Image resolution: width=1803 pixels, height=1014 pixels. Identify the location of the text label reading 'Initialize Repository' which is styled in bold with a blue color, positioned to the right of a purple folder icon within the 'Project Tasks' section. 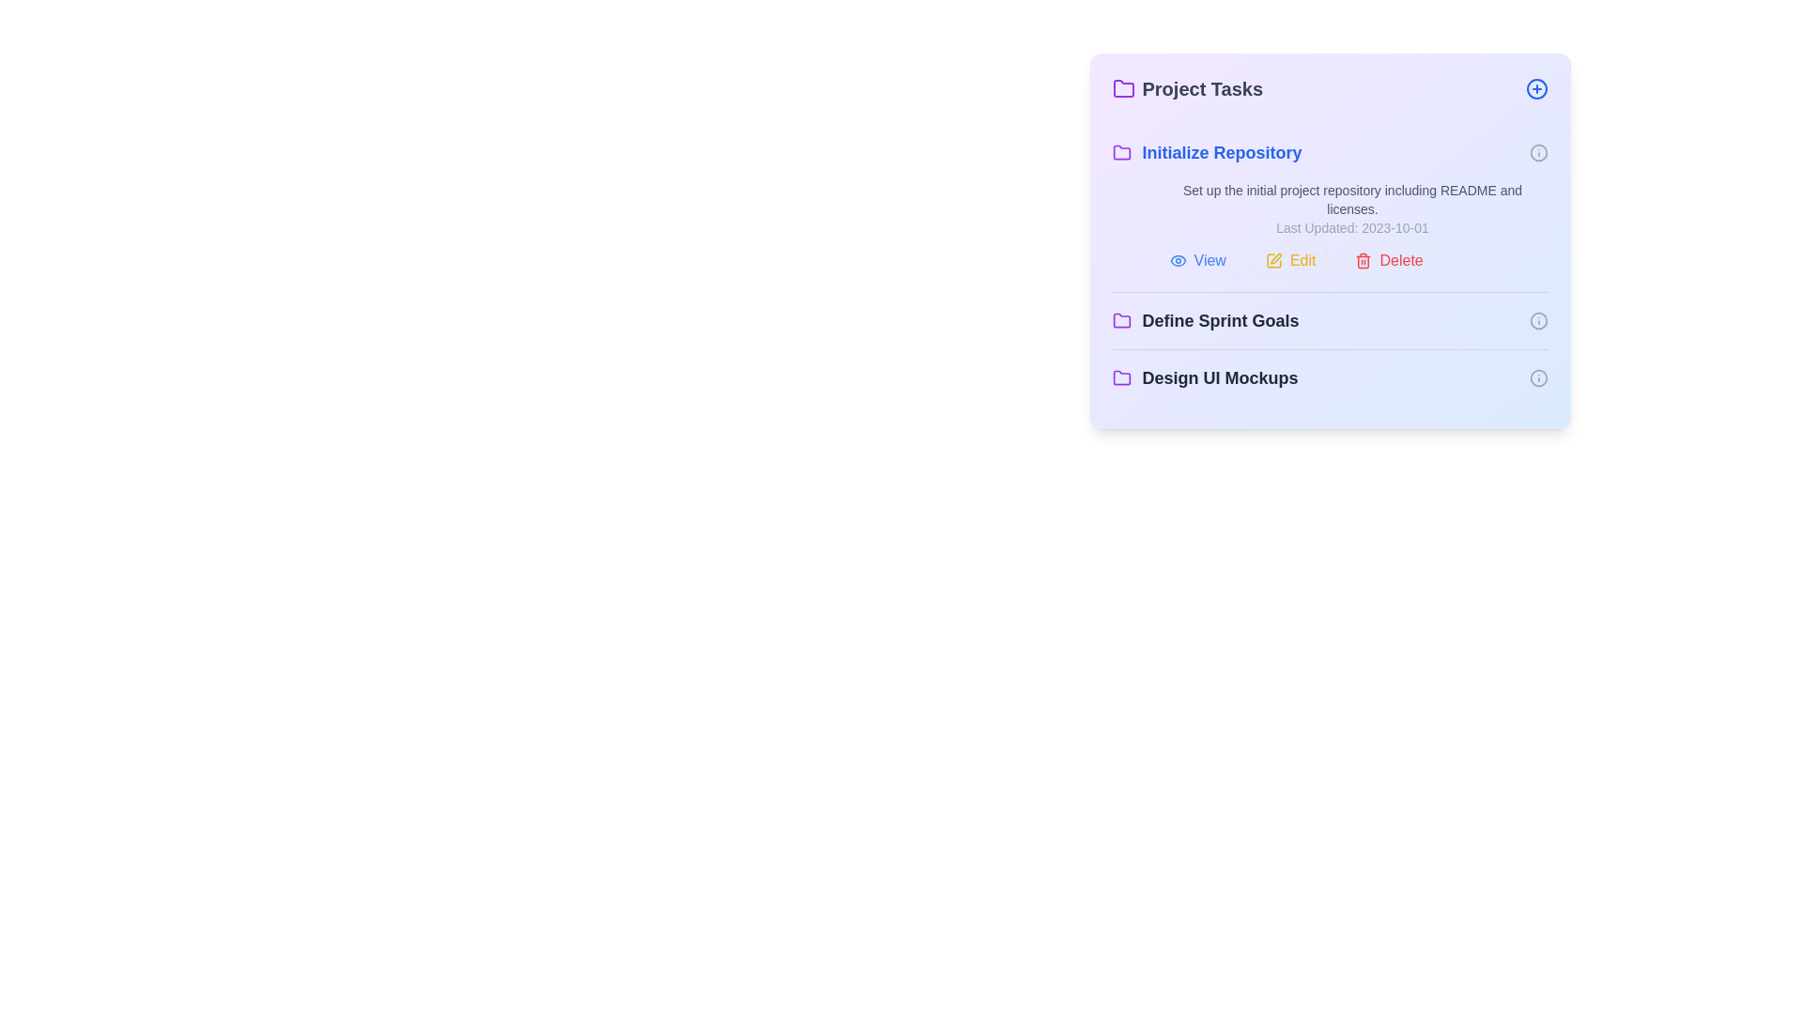
(1222, 151).